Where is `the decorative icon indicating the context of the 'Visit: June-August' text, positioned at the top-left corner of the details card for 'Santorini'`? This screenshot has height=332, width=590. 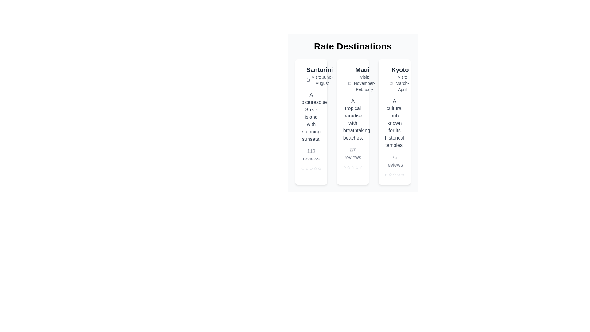 the decorative icon indicating the context of the 'Visit: June-August' text, positioned at the top-left corner of the details card for 'Santorini' is located at coordinates (308, 80).